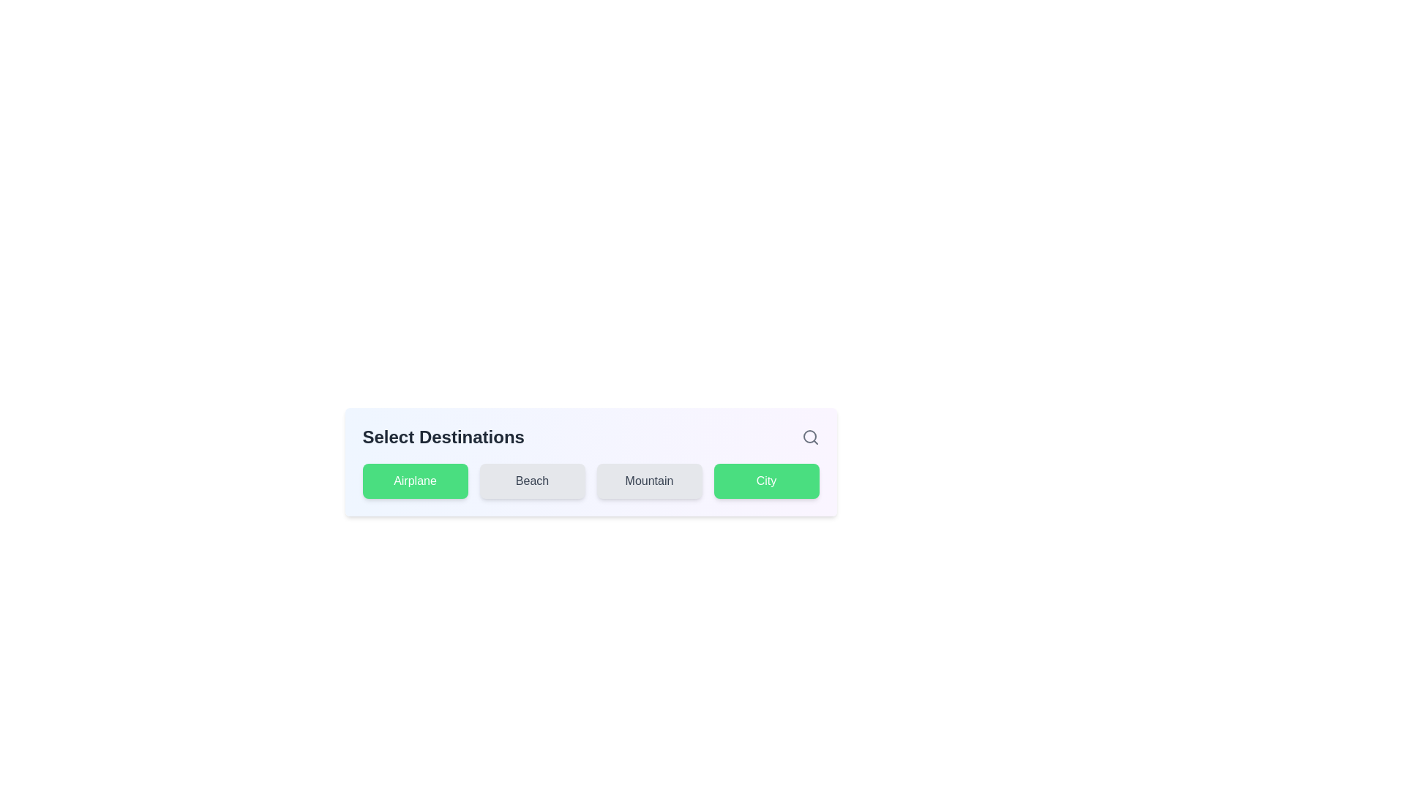  I want to click on the item Airplane, so click(414, 481).